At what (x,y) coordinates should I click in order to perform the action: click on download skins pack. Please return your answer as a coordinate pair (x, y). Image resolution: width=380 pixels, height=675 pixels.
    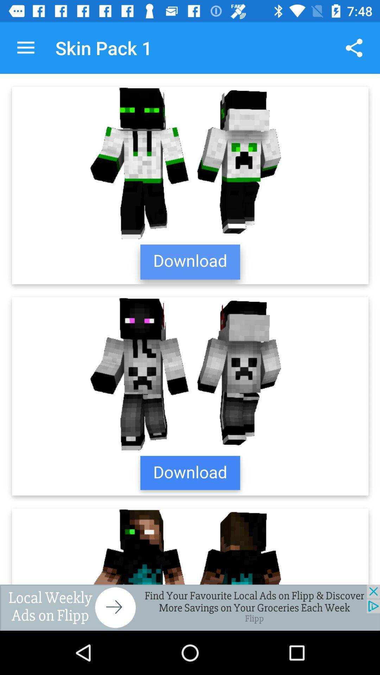
    Looking at the image, I should click on (190, 329).